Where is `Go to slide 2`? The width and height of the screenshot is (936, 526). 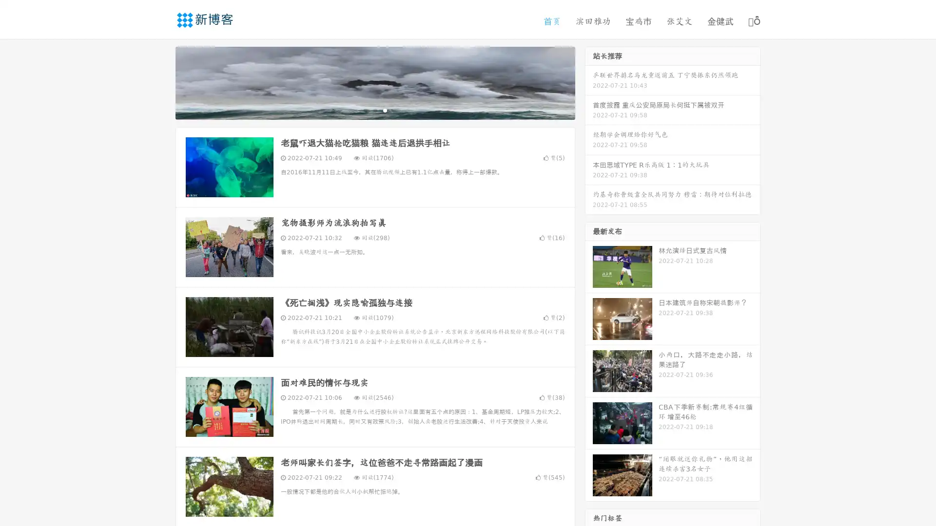
Go to slide 2 is located at coordinates (374, 110).